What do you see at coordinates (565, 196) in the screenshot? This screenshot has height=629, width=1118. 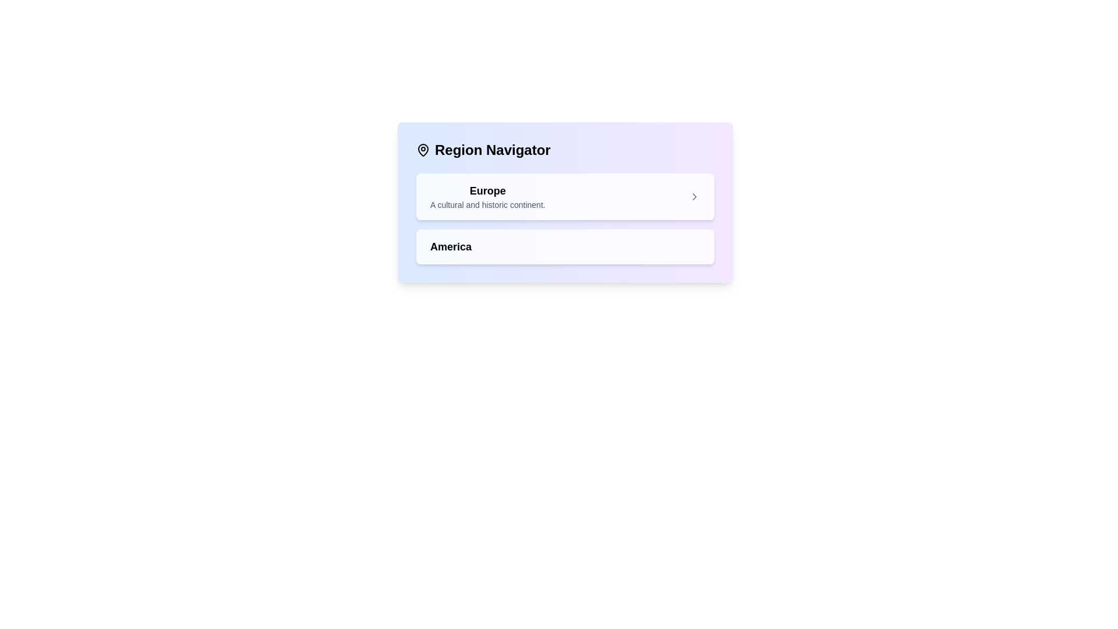 I see `the first clickable list item representing the region 'Europe' within the 'Region Navigator'` at bounding box center [565, 196].